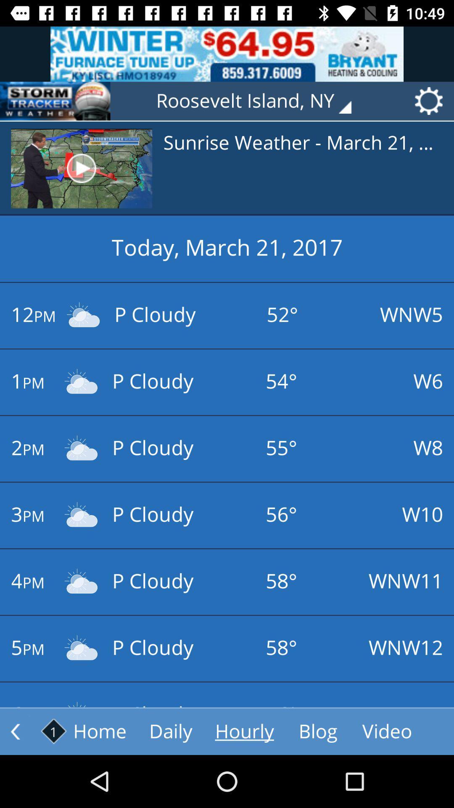 This screenshot has width=454, height=808. I want to click on go back, so click(15, 731).